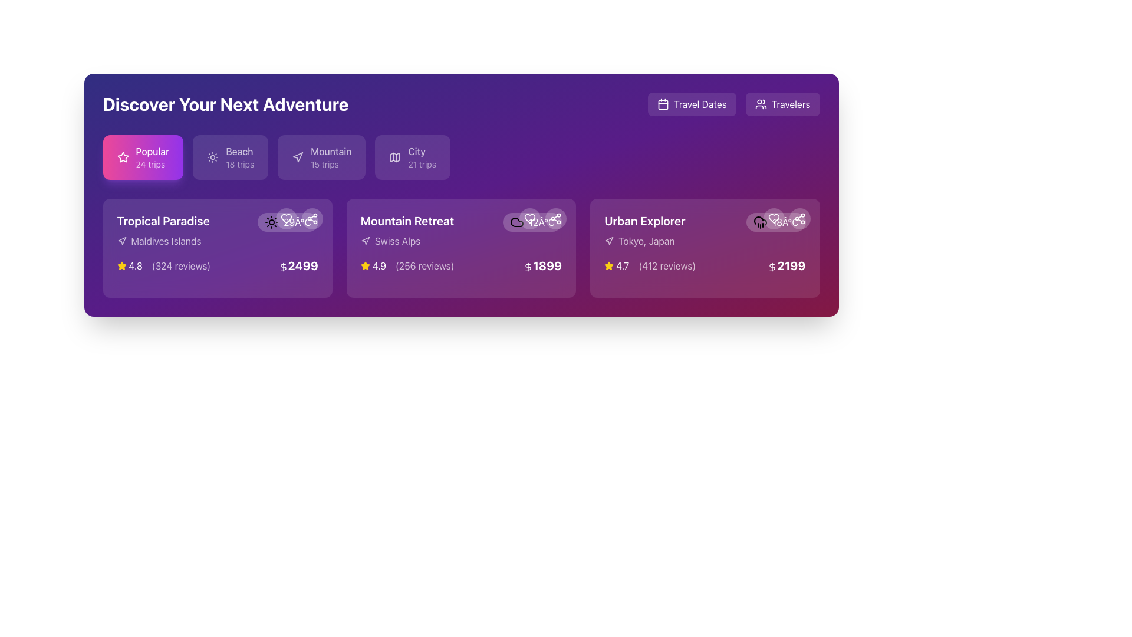  Describe the element at coordinates (152, 151) in the screenshot. I see `'Popular' text label within the vibrant pink button located at the top left corner of the button grid` at that location.